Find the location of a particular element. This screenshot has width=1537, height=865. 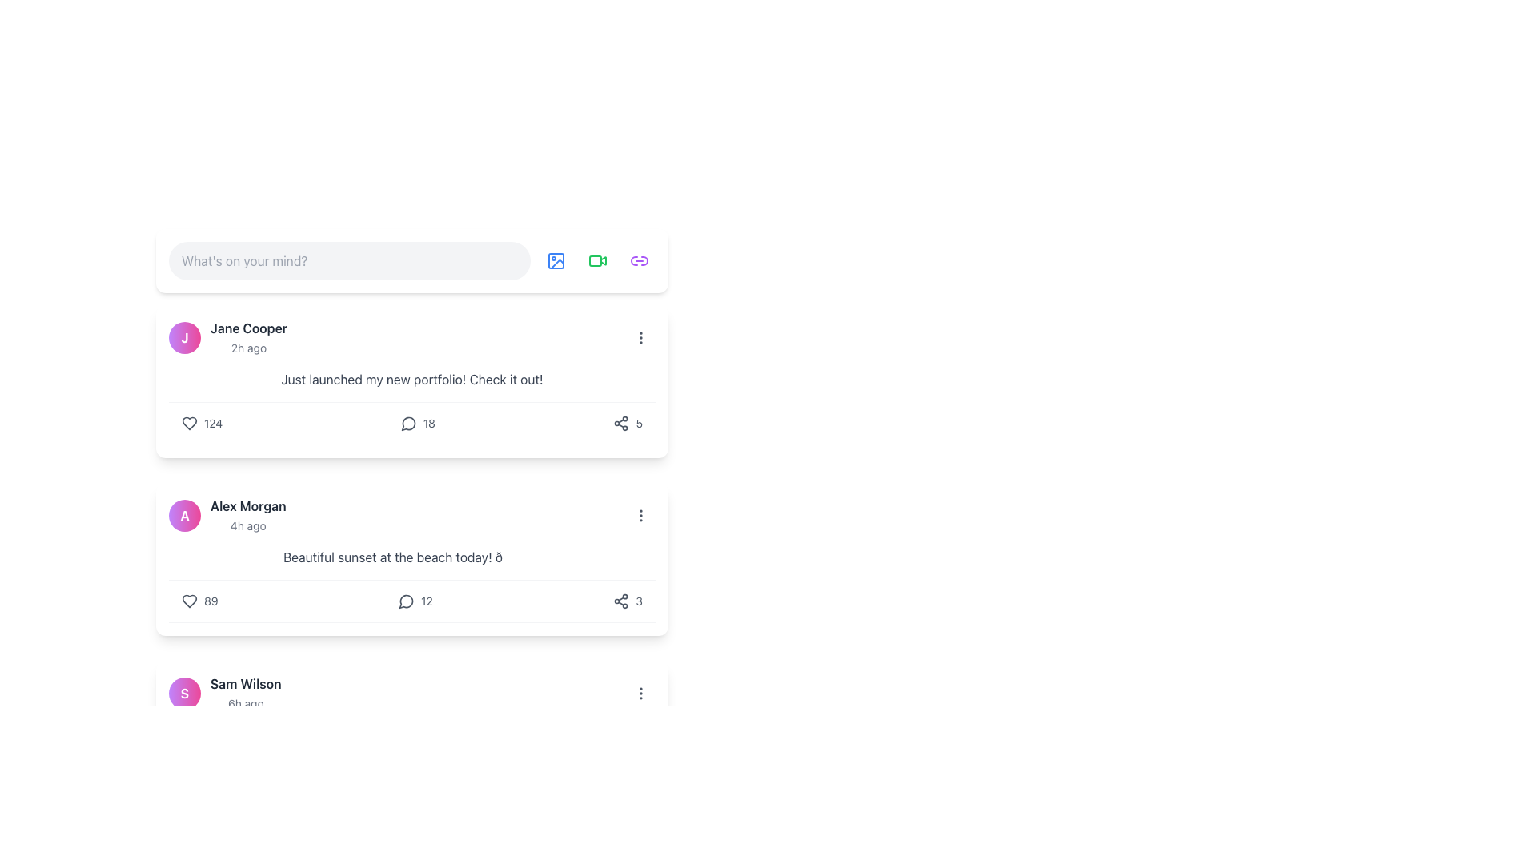

the circular, outlined speech bubble icon located to the left of the comment count under the post by Alex Morgan is located at coordinates (406, 601).